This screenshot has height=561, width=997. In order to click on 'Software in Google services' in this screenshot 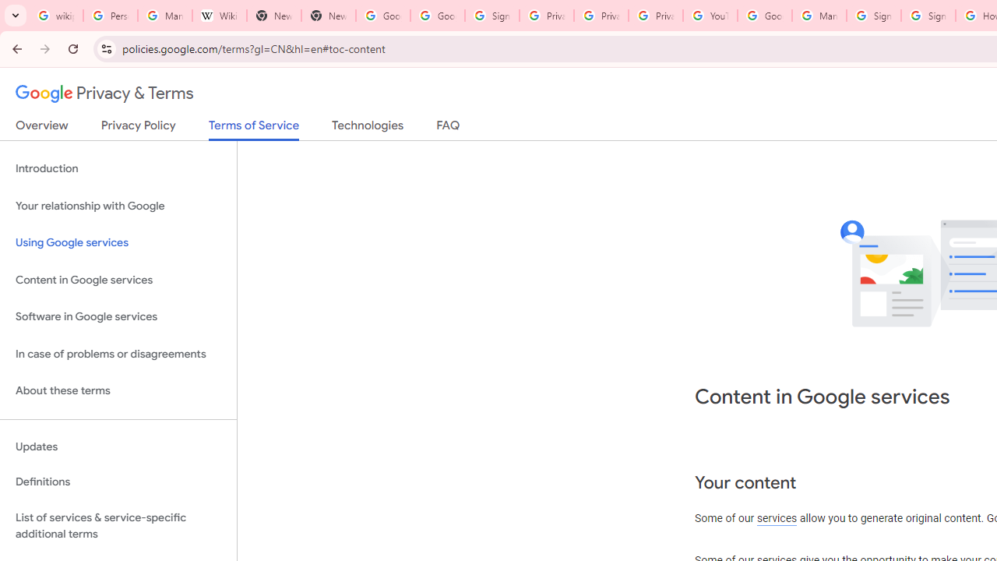, I will do `click(118, 316)`.